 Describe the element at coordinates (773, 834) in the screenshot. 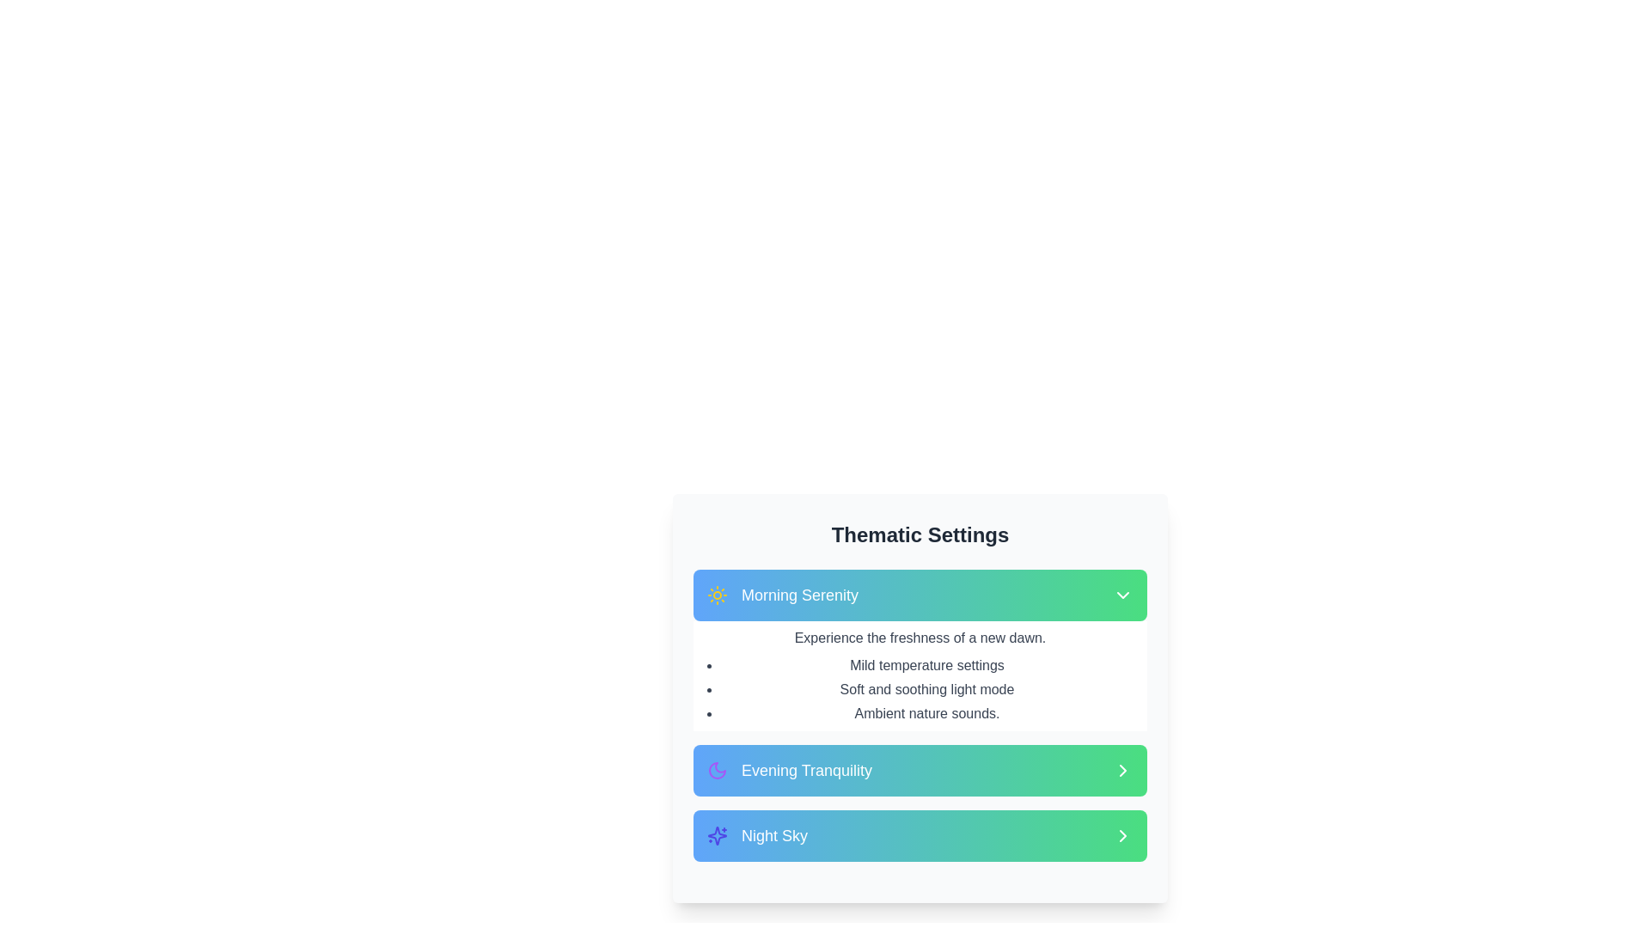

I see `the label for the third theme option, 'Night Sky', in the thematic settings panel, located on the bottom row adjacent to the stars icon` at that location.